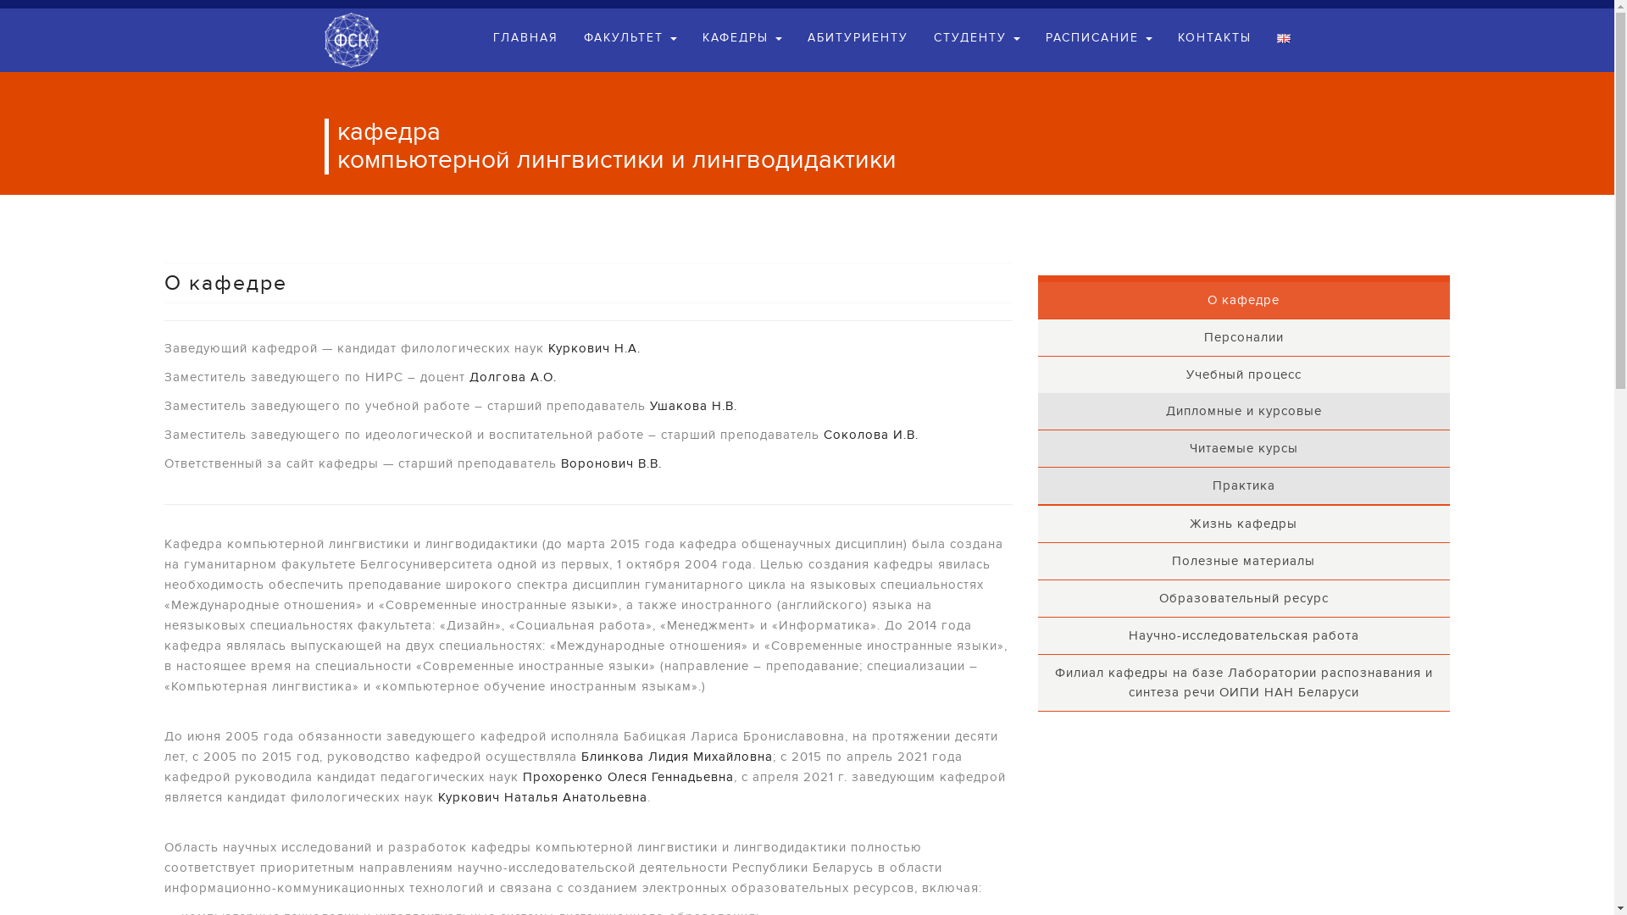  What do you see at coordinates (1282, 38) in the screenshot?
I see `'English'` at bounding box center [1282, 38].